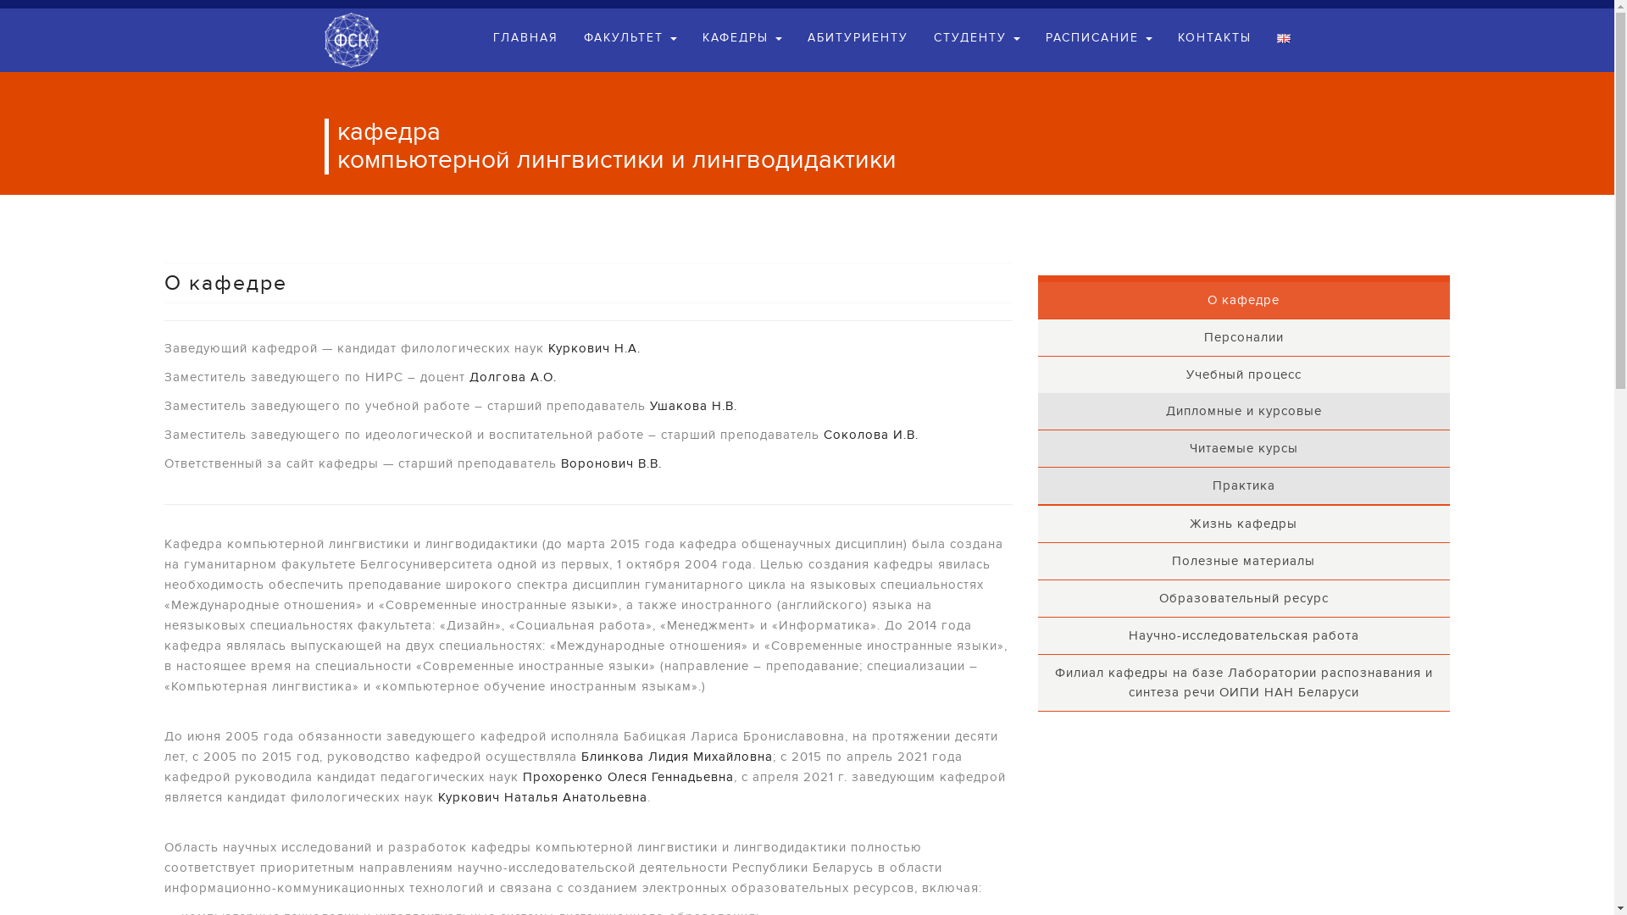  What do you see at coordinates (1282, 38) in the screenshot?
I see `'English'` at bounding box center [1282, 38].